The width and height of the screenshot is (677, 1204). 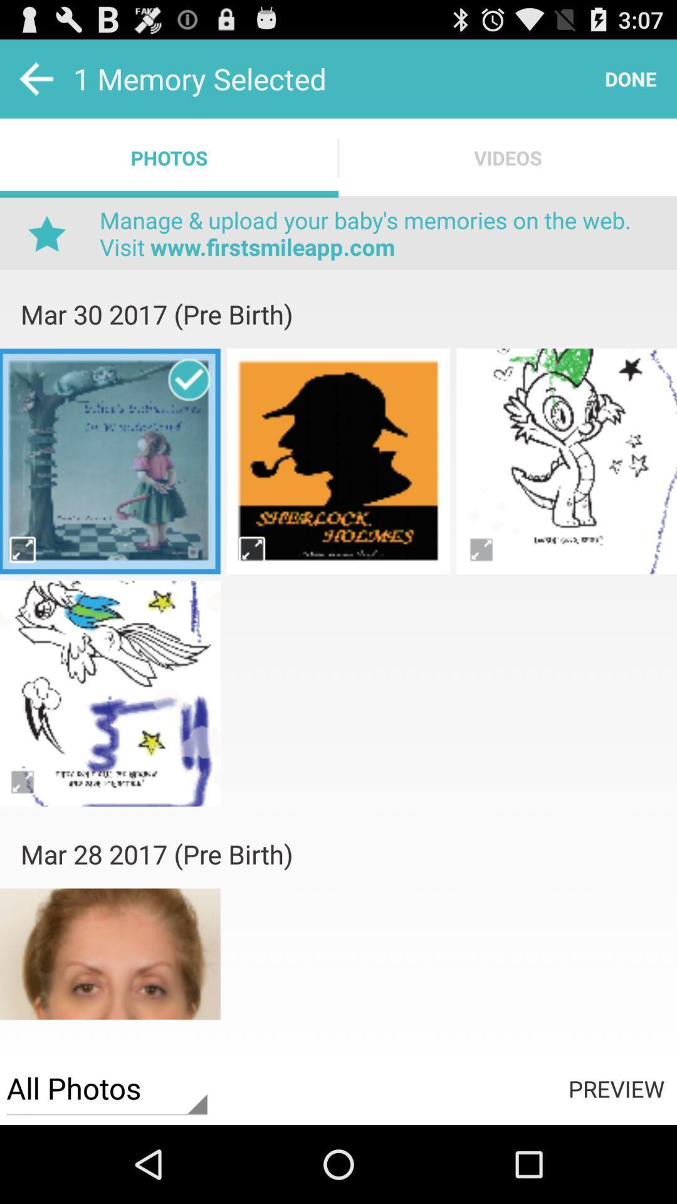 What do you see at coordinates (480, 549) in the screenshot?
I see `picture oftion` at bounding box center [480, 549].